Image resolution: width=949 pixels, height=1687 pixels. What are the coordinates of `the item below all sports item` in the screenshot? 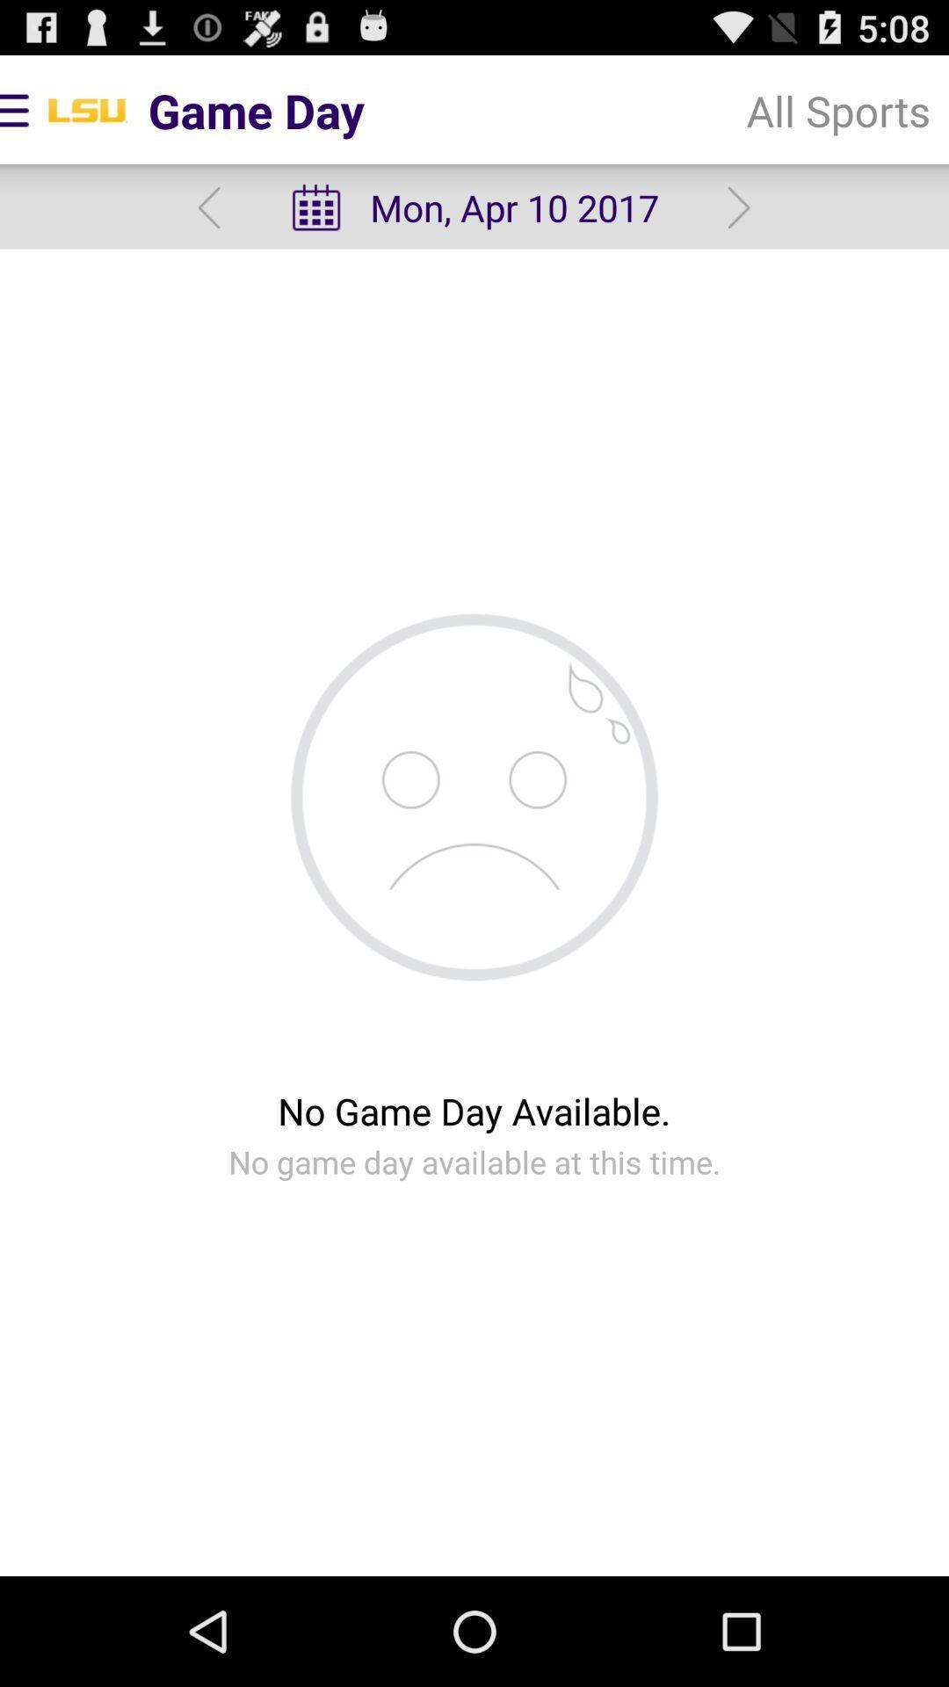 It's located at (739, 207).